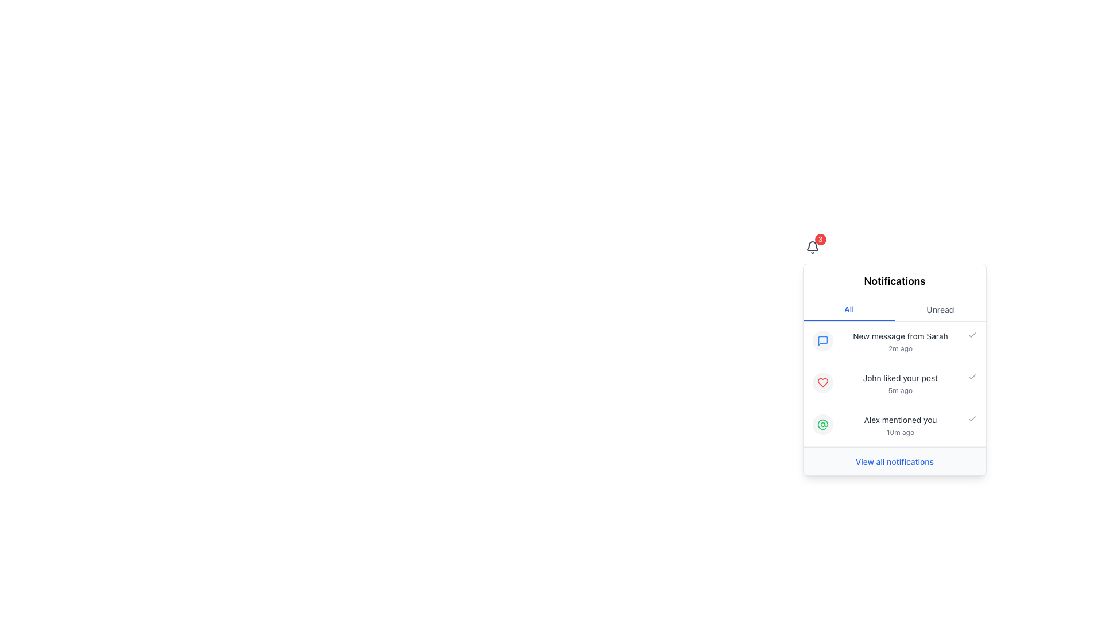 This screenshot has height=619, width=1102. Describe the element at coordinates (822, 382) in the screenshot. I see `the heart icon located in the notification panel to like or unlike an item` at that location.